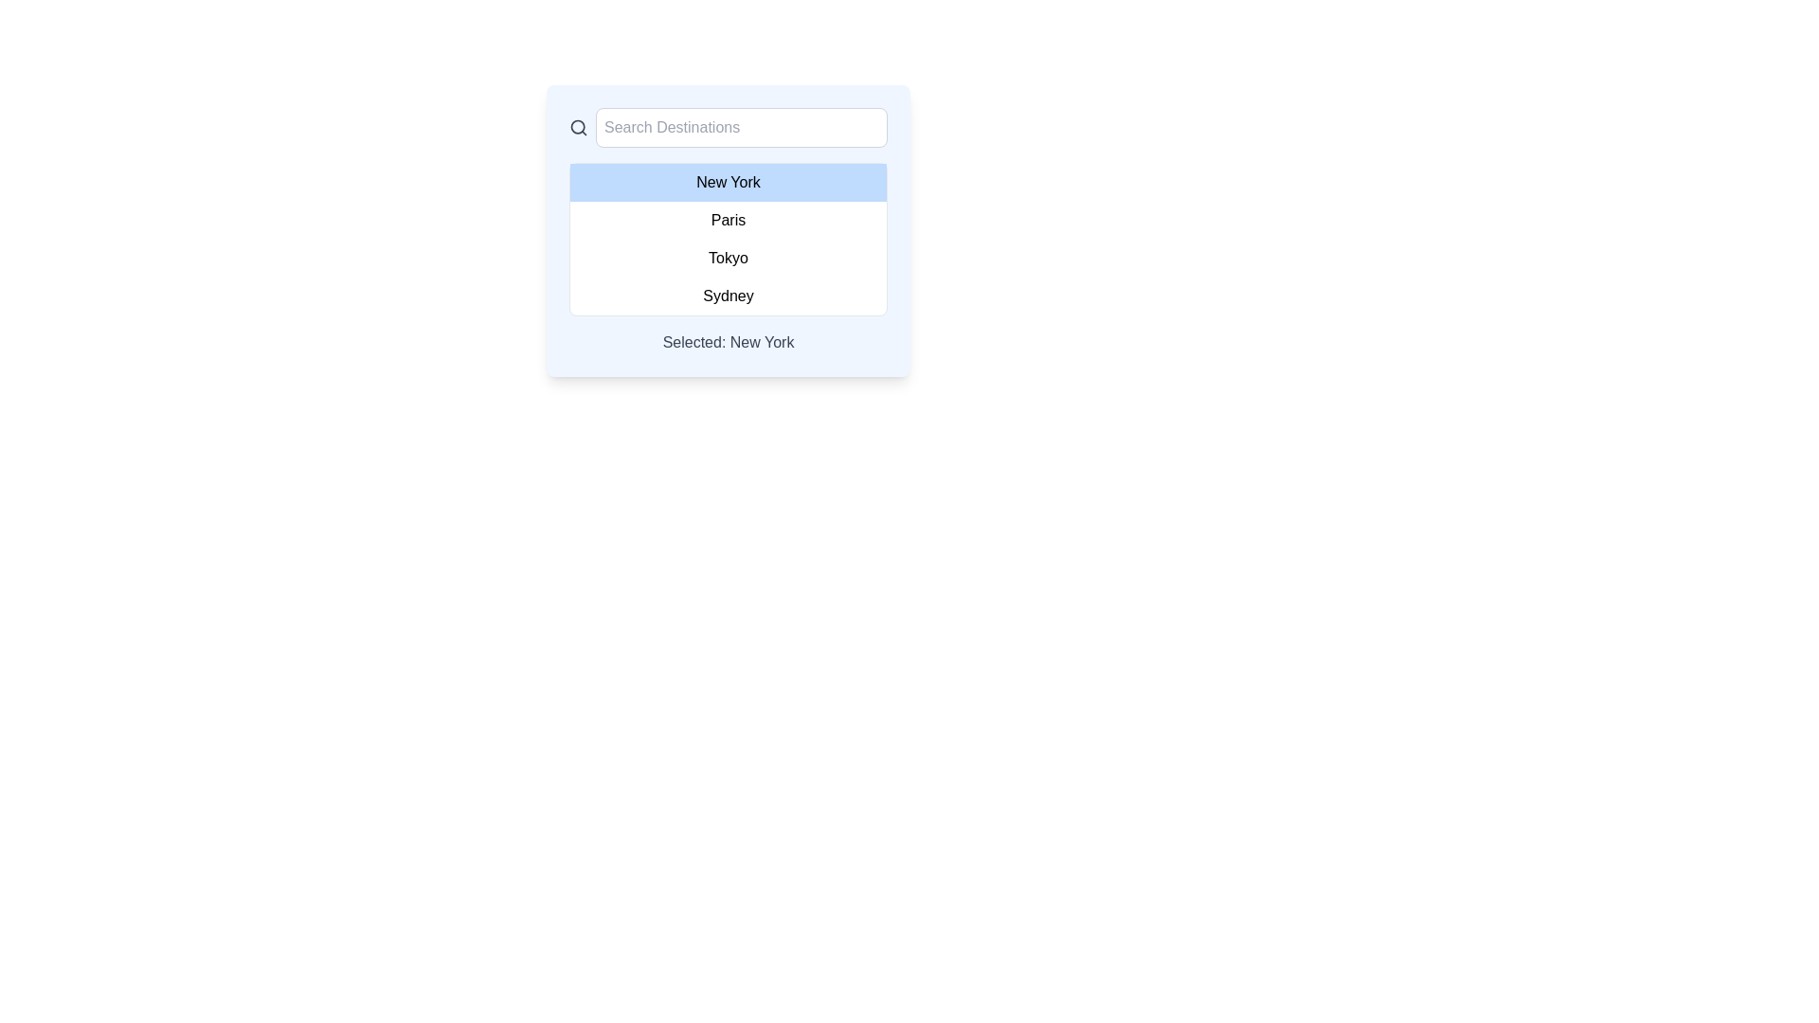 The image size is (1819, 1023). What do you see at coordinates (727, 229) in the screenshot?
I see `the text label displaying 'Paris'` at bounding box center [727, 229].